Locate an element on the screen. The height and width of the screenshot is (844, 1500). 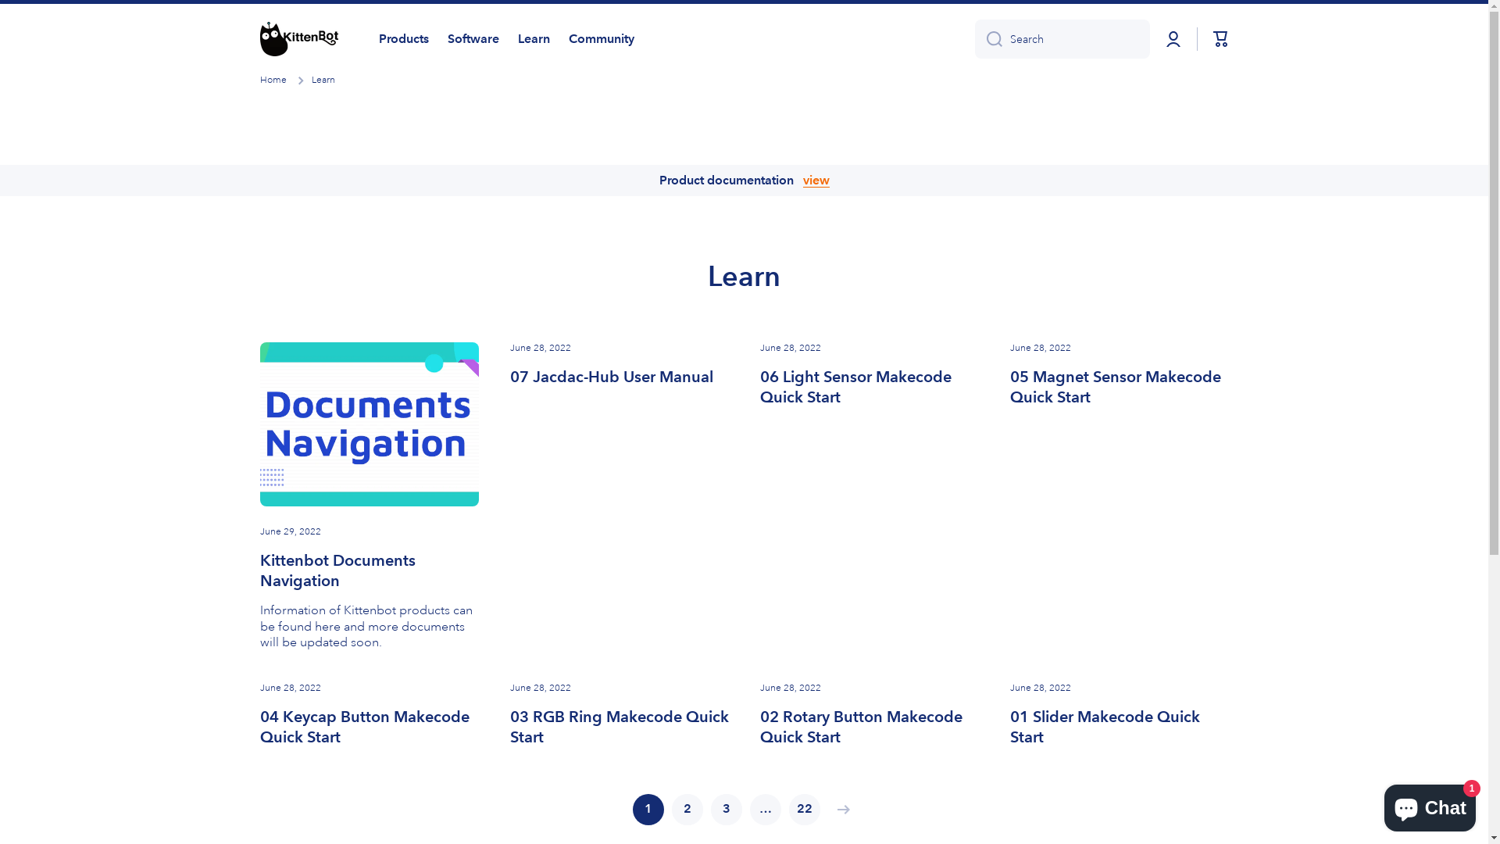
'Product documentation is located at coordinates (743, 180).